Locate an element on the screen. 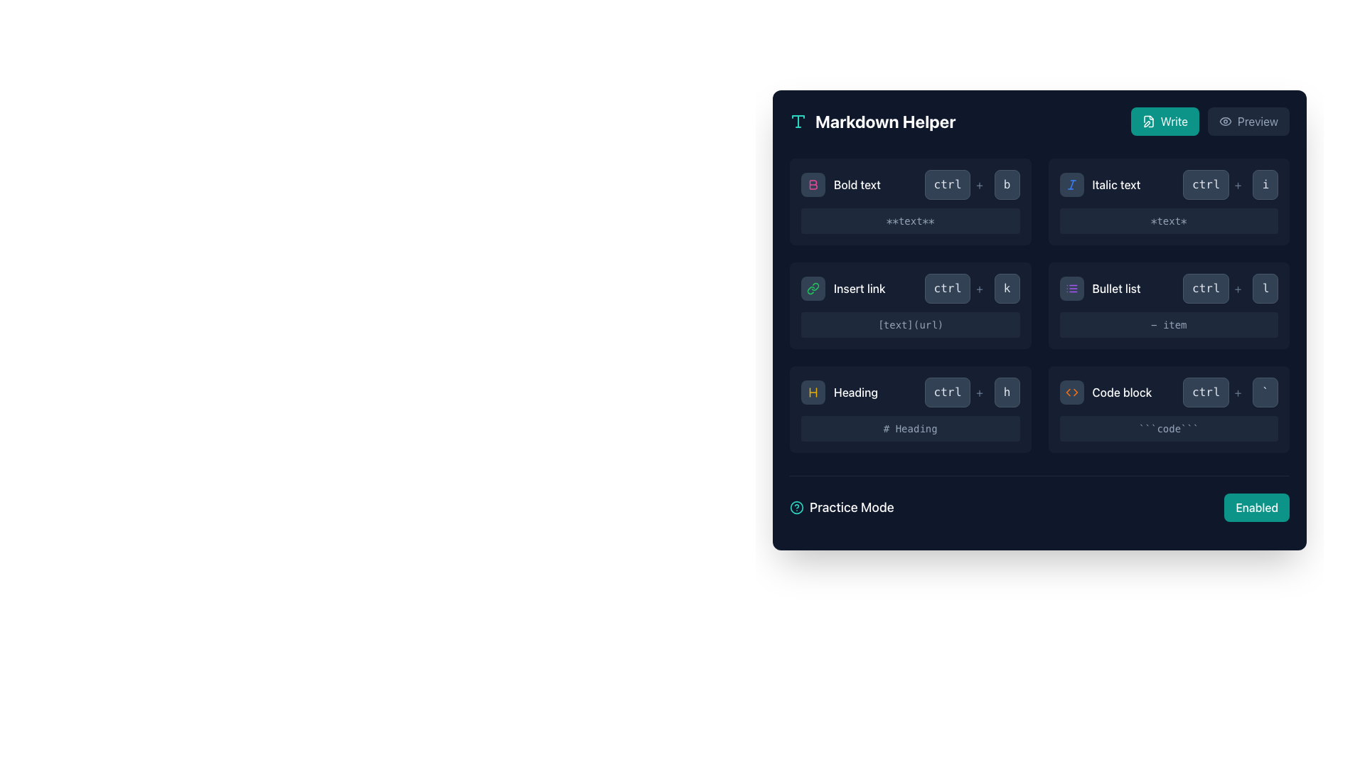 Image resolution: width=1365 pixels, height=768 pixels. the Keyboard shortcut indicator for 'Insert link' functionality located in the 'Markdown Helper' interface, positioned in the second row of the interface grid is located at coordinates (971, 288).